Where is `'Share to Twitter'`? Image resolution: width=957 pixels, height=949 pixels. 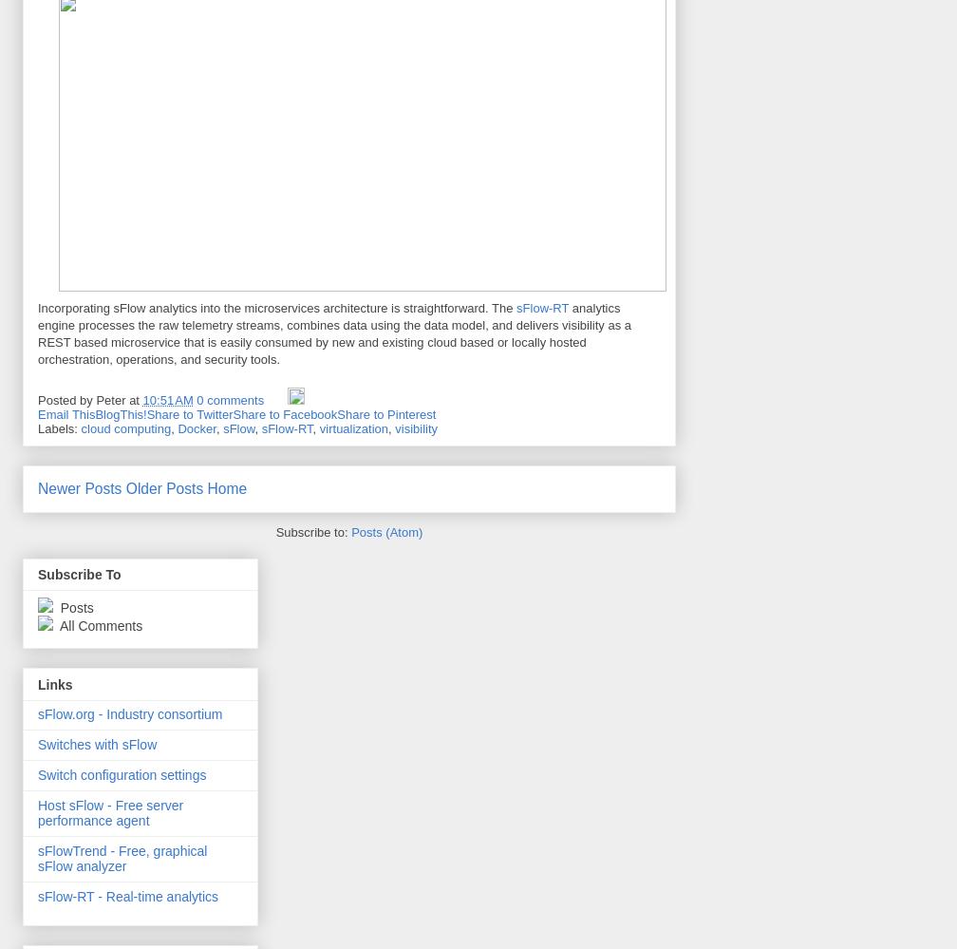
'Share to Twitter' is located at coordinates (189, 413).